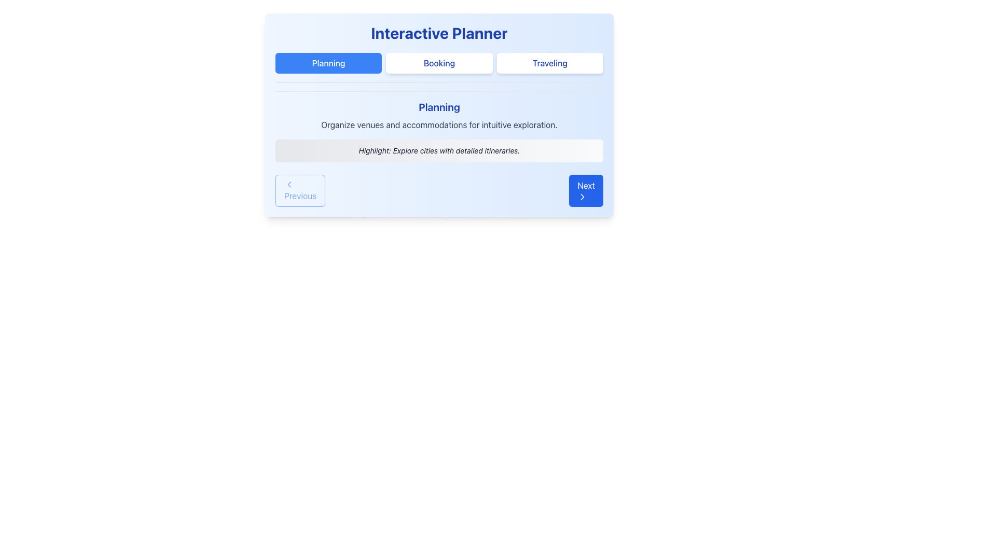  What do you see at coordinates (439, 63) in the screenshot?
I see `the 'Booking' button located between the 'Planning' button and the 'Traveling' button in the horizontal group under the 'Interactive Planner' header` at bounding box center [439, 63].